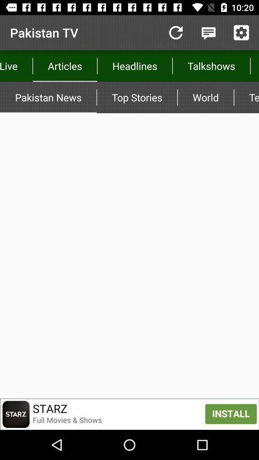 The height and width of the screenshot is (460, 259). What do you see at coordinates (129, 414) in the screenshot?
I see `install starz app` at bounding box center [129, 414].